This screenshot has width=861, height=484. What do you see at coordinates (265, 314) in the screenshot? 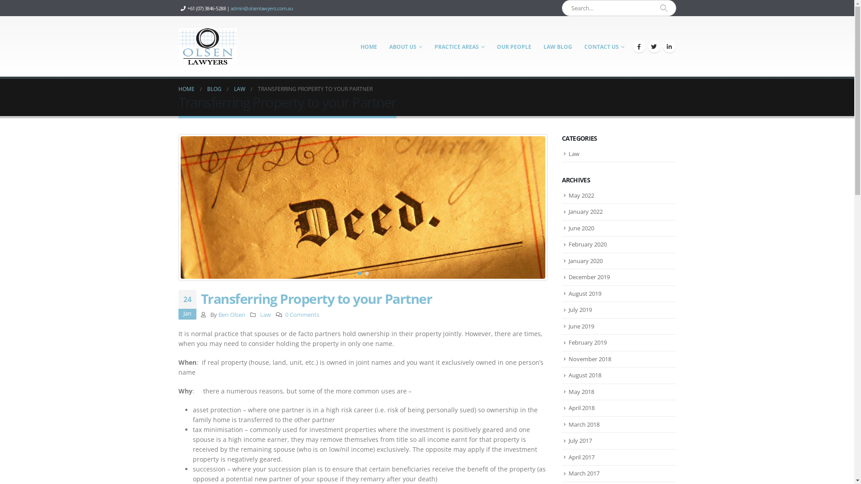
I see `'Law'` at bounding box center [265, 314].